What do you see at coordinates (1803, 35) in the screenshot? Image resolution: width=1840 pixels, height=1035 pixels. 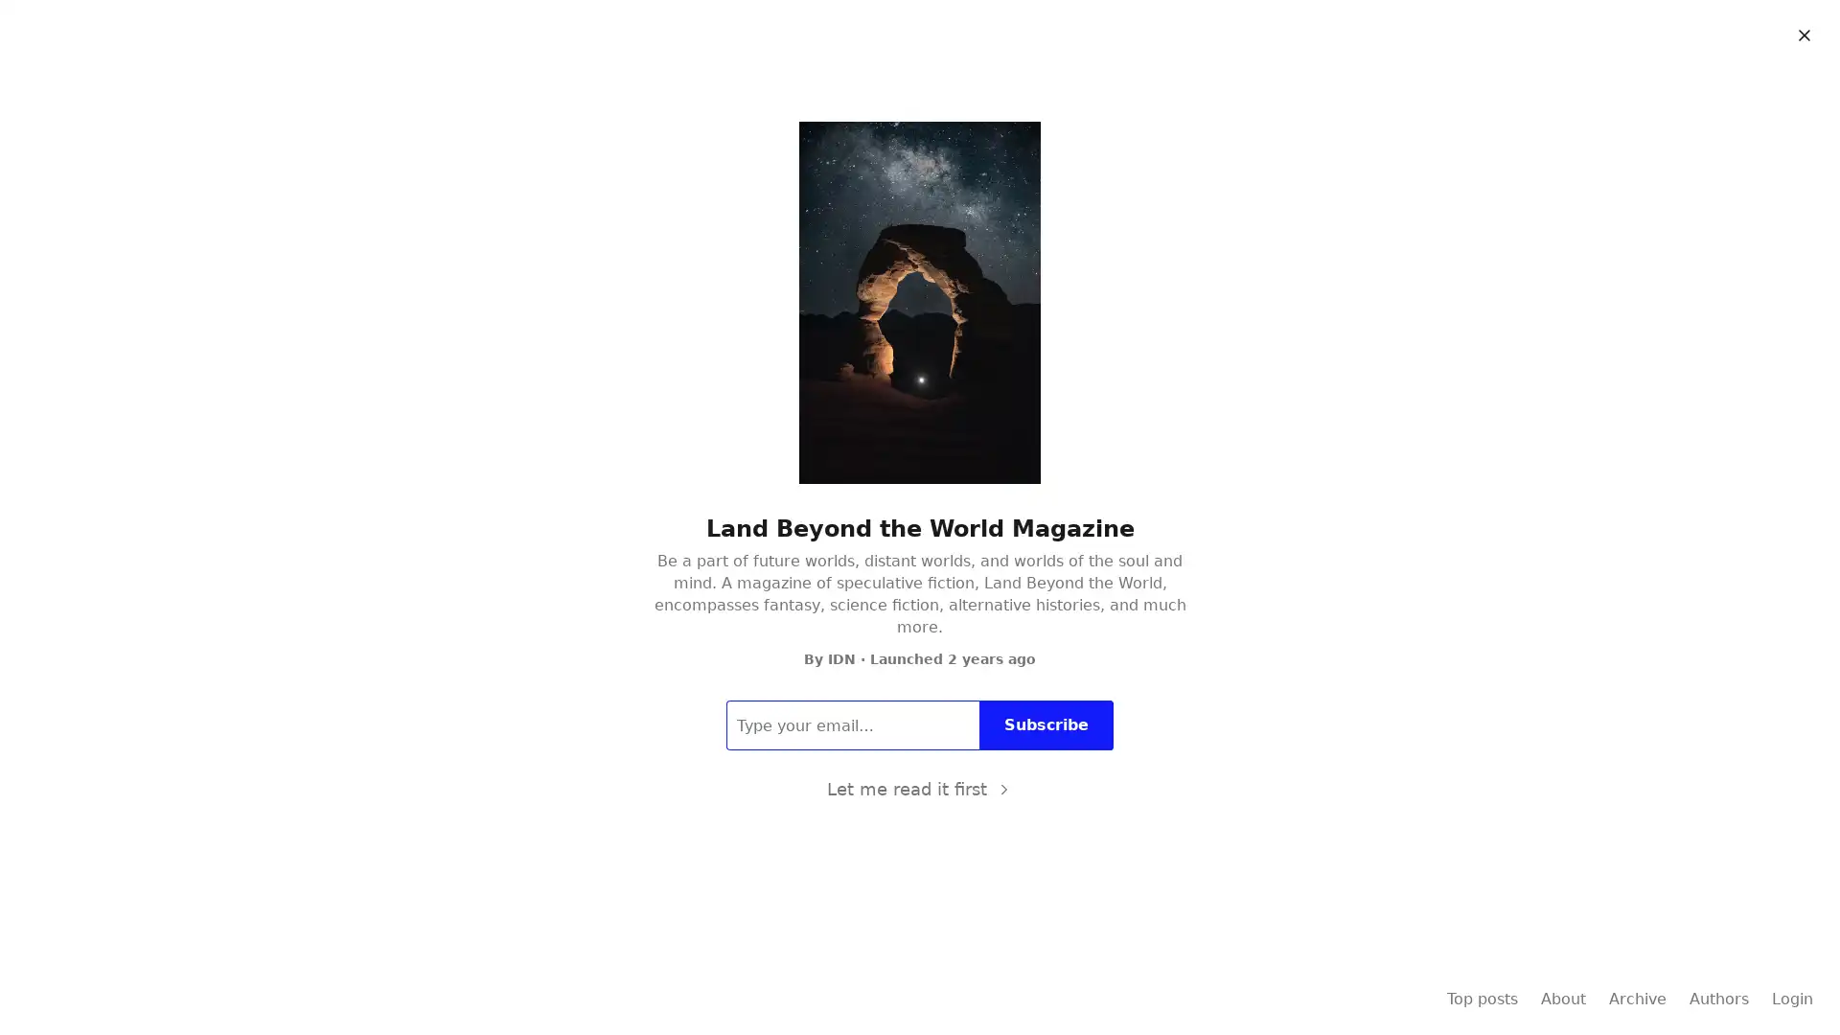 I see `Close` at bounding box center [1803, 35].